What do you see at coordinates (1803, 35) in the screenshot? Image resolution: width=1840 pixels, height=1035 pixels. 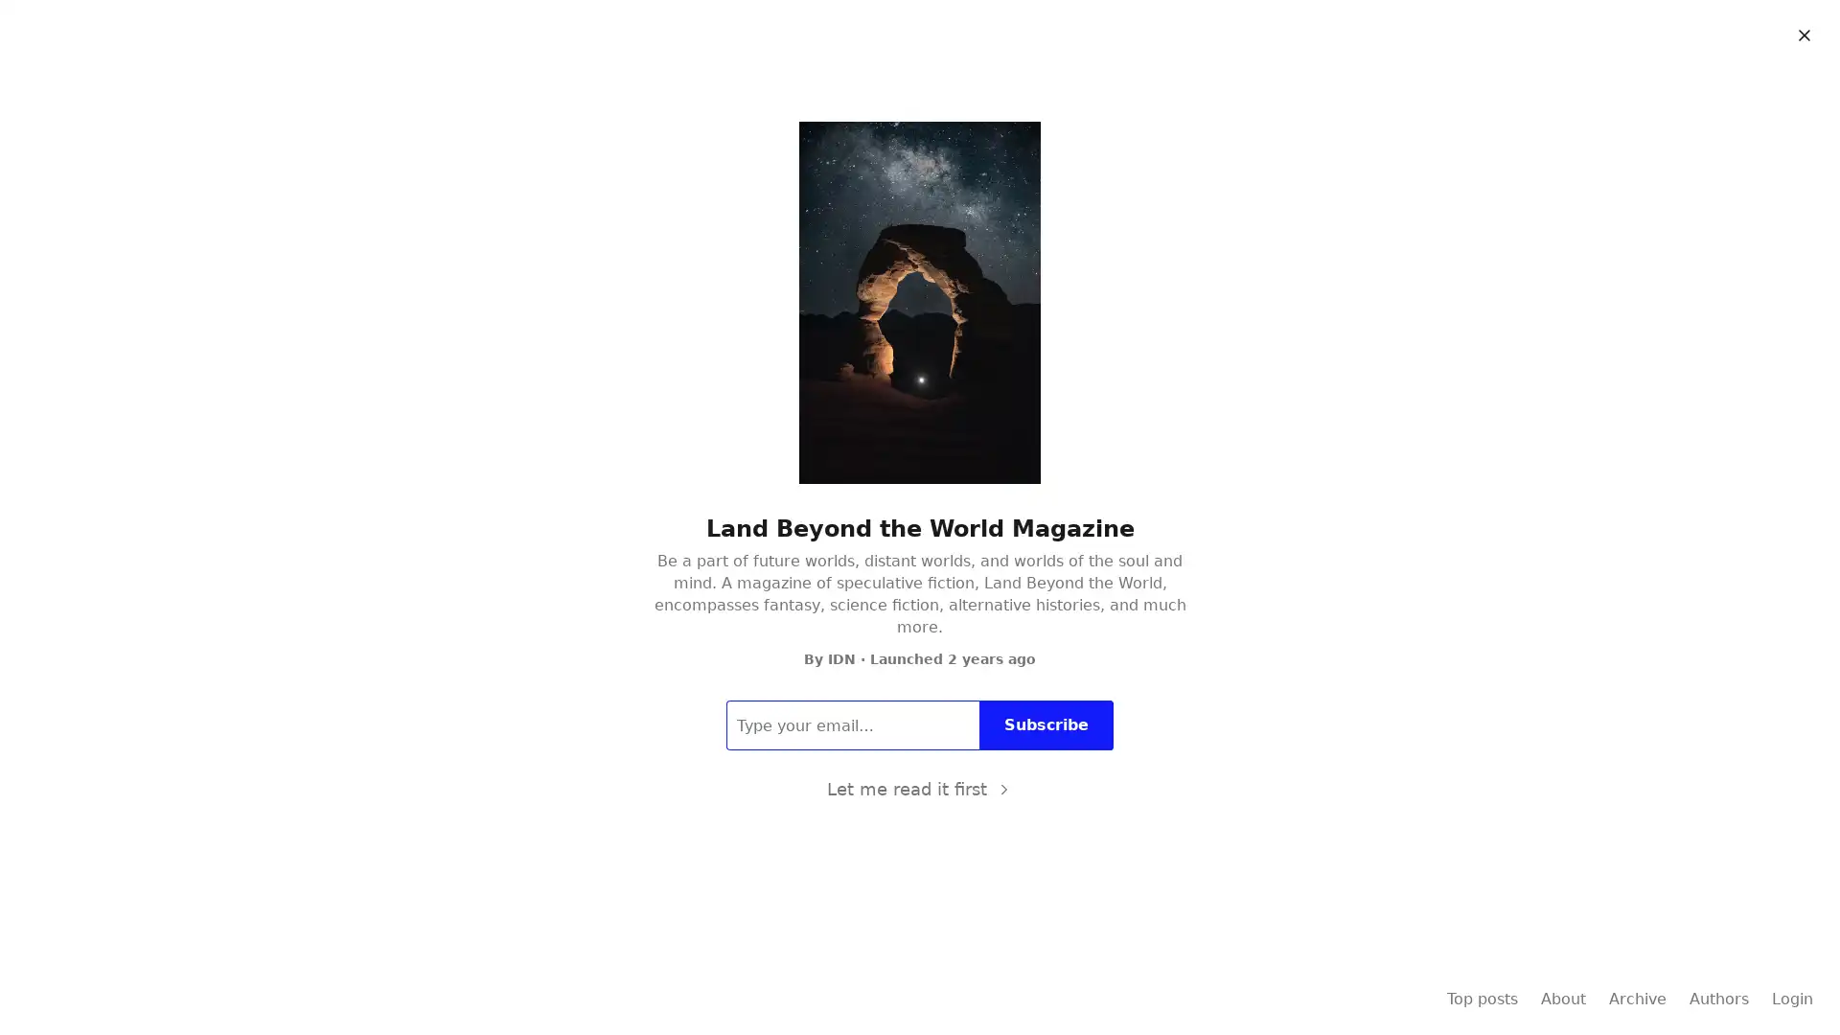 I see `Close` at bounding box center [1803, 35].